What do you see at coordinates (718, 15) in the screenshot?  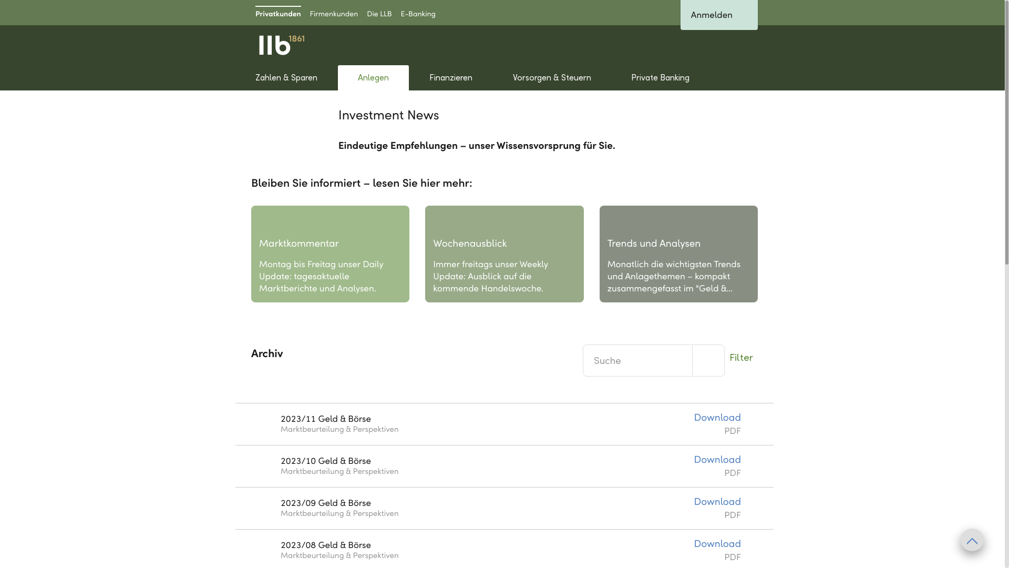 I see `'Anmelden'` at bounding box center [718, 15].